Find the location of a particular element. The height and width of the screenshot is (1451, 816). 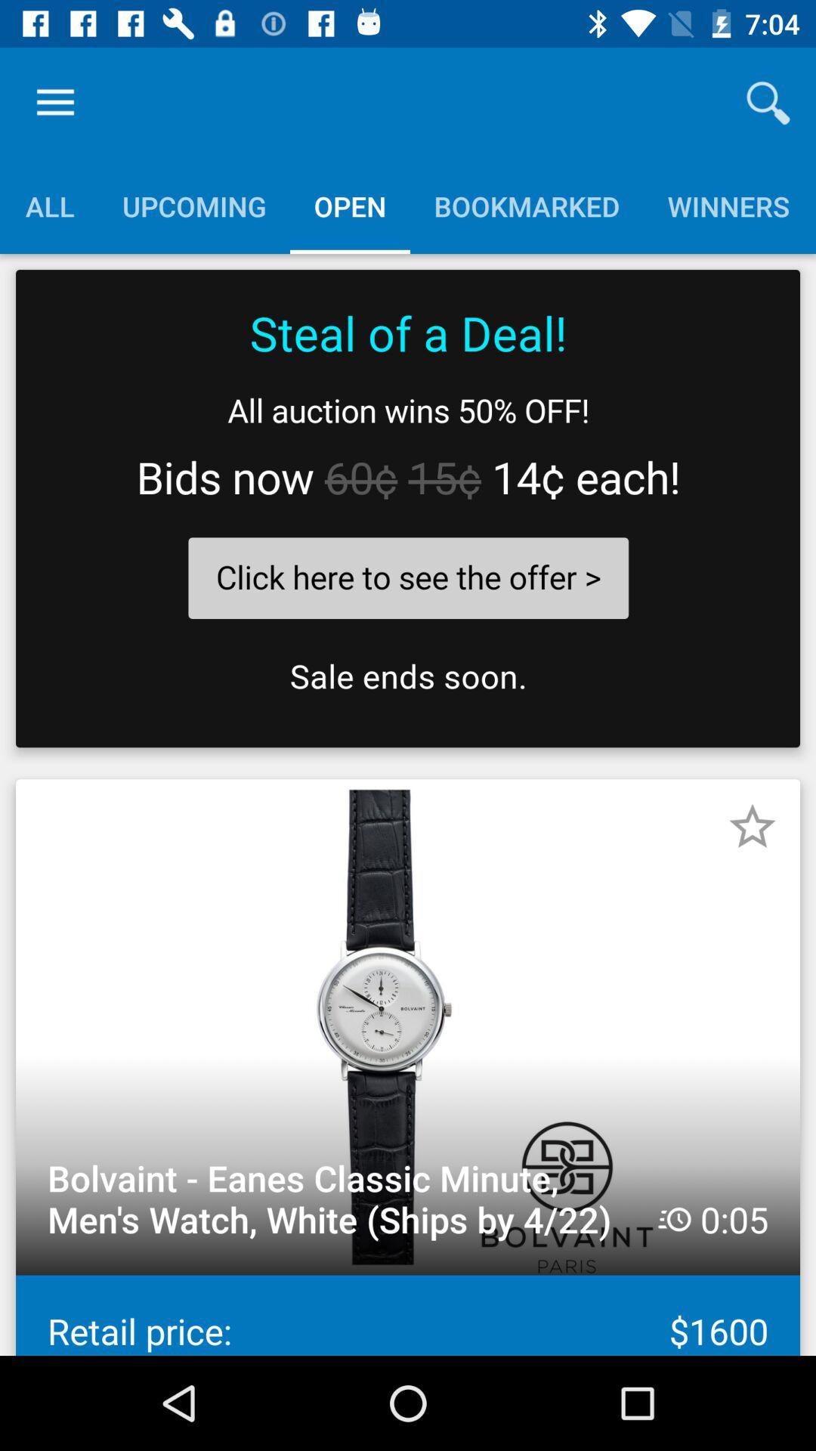

the clock icon which is left to the 005 is located at coordinates (674, 1219).